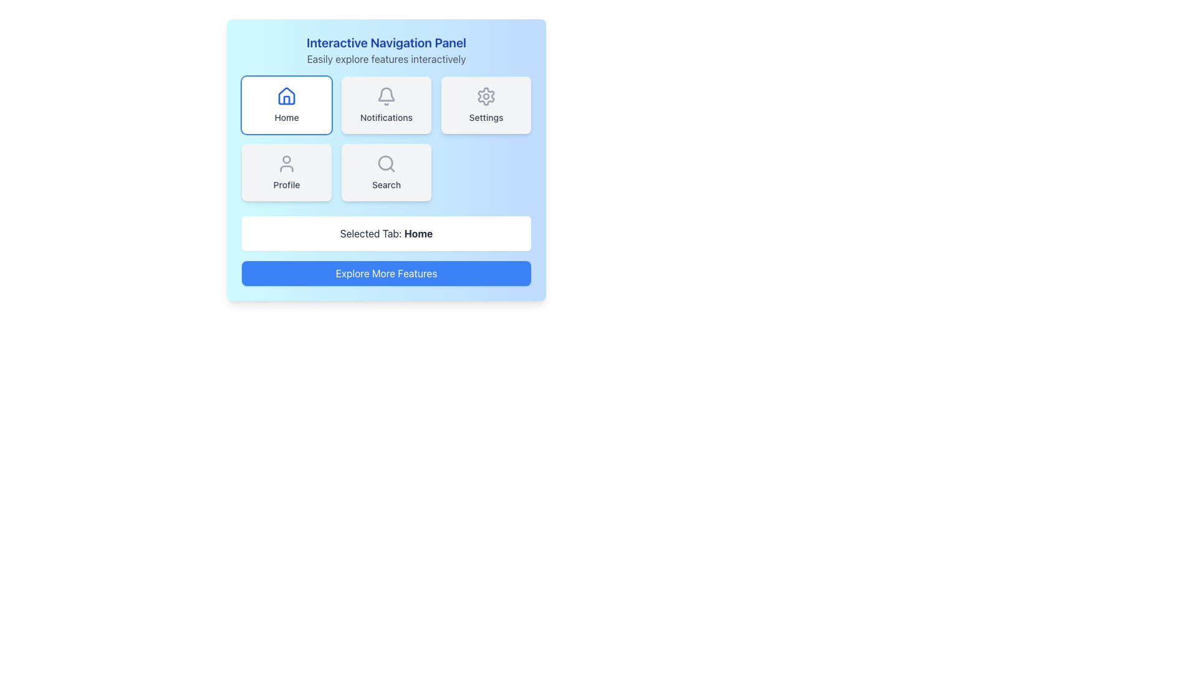 The width and height of the screenshot is (1197, 673). I want to click on the SVG circle element located at the upper-center portion of the profile icon, which is situated below the 'Profile' label within the profile tab button, so click(286, 158).